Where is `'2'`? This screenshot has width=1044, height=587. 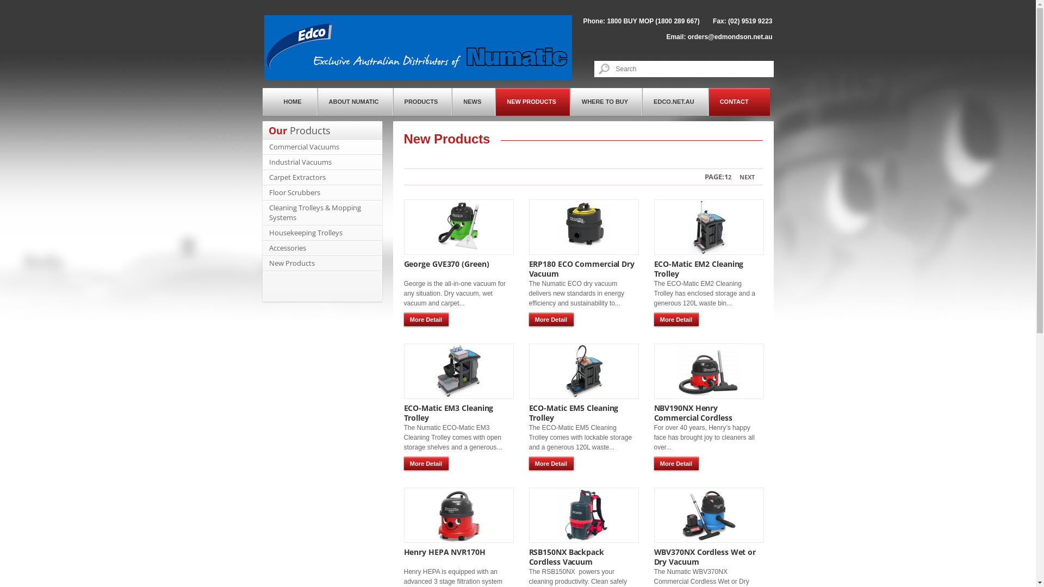
'2' is located at coordinates (730, 176).